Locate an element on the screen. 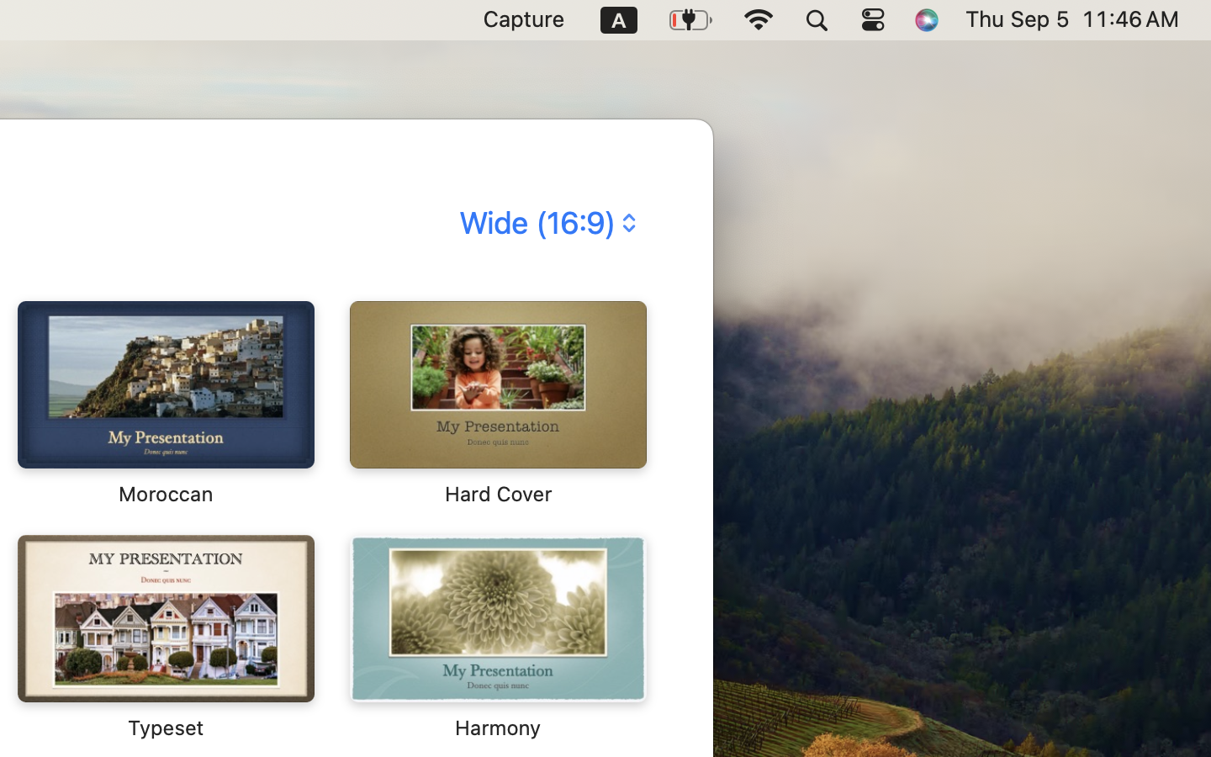  '‎⁨Hard Cover⁩' is located at coordinates (496, 402).